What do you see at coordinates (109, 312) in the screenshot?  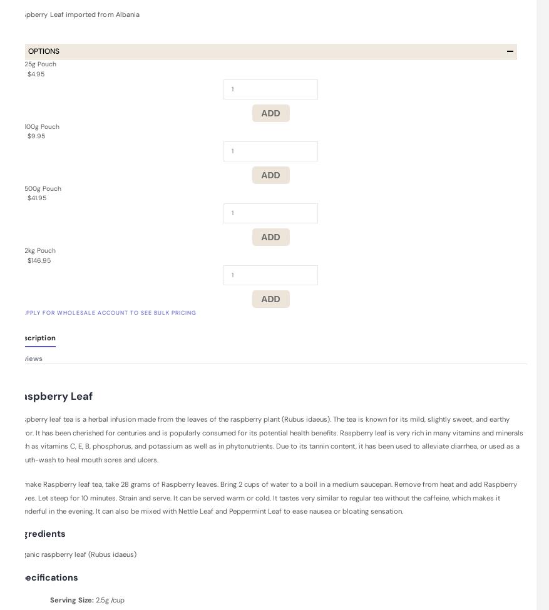 I see `'Apply for wholesale account to see bulk pricing'` at bounding box center [109, 312].